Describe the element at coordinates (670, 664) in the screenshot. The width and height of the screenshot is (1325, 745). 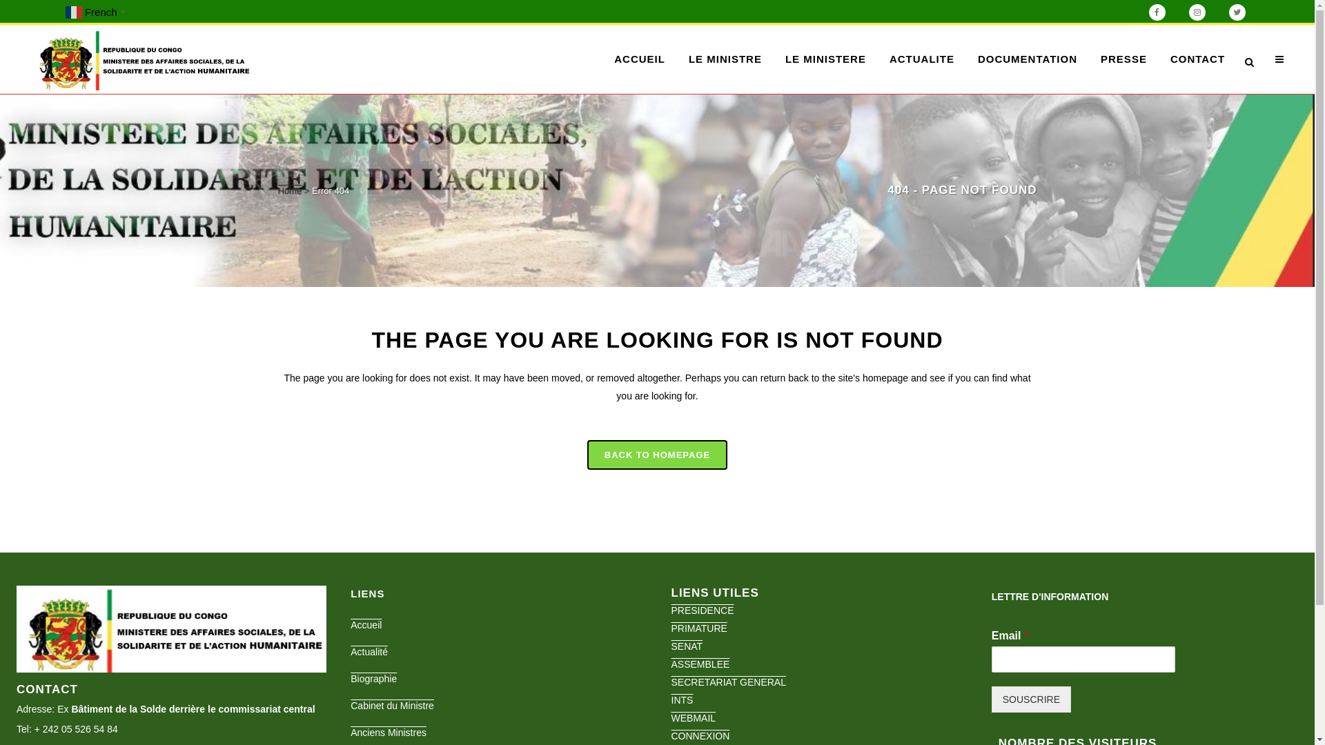
I see `'ASSEMBLEE'` at that location.